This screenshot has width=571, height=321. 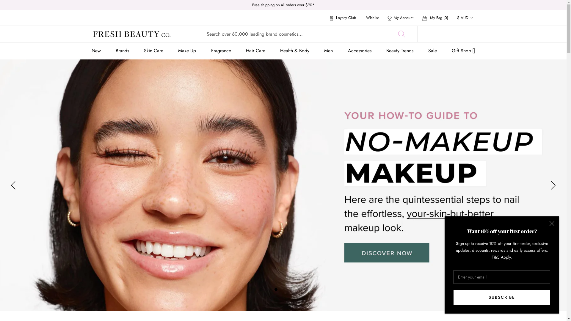 I want to click on 'Sale, so click(x=432, y=50).